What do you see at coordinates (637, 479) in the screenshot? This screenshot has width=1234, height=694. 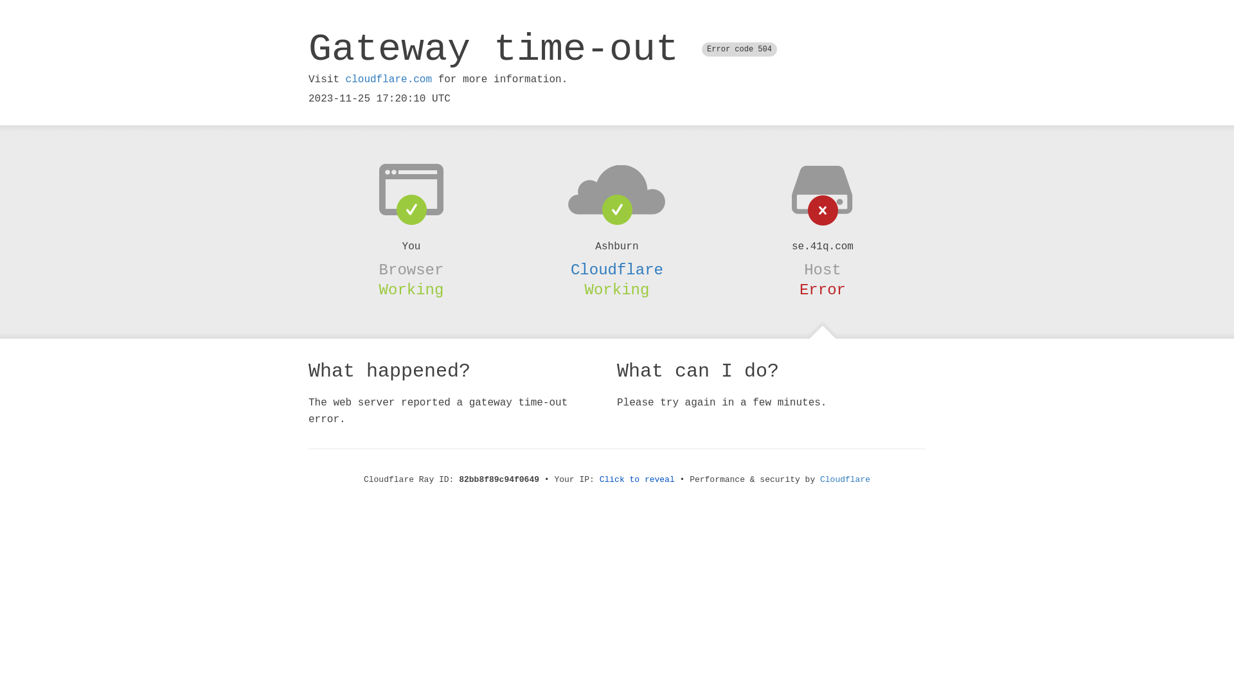 I see `'Click to reveal'` at bounding box center [637, 479].